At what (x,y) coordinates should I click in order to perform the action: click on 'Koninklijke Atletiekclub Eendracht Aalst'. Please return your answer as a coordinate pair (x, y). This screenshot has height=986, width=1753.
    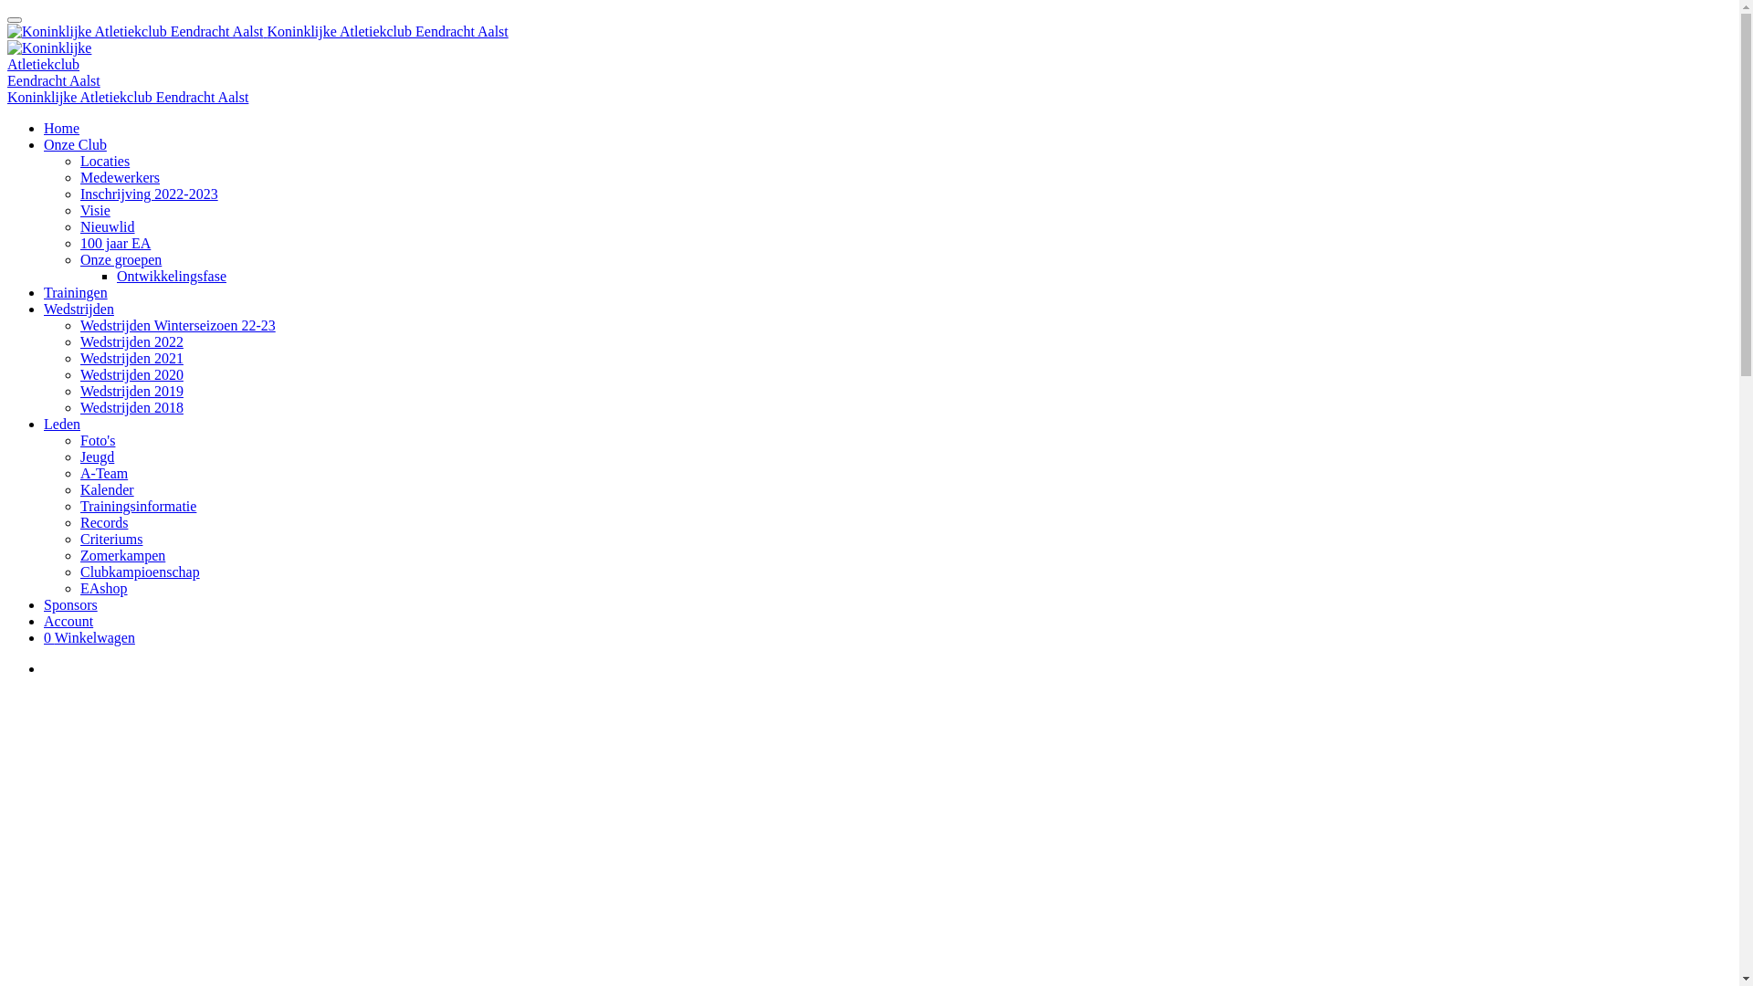
    Looking at the image, I should click on (58, 63).